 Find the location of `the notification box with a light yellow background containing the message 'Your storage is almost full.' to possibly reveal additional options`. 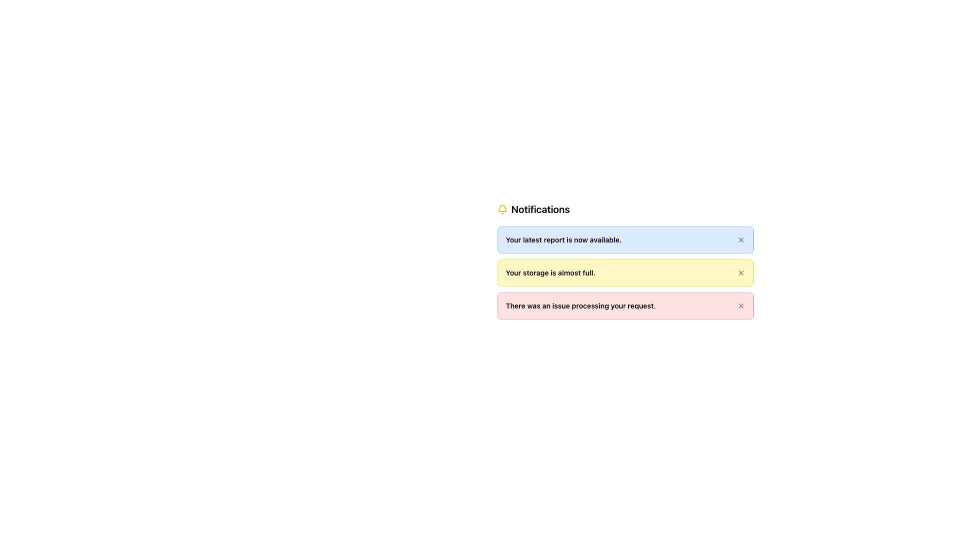

the notification box with a light yellow background containing the message 'Your storage is almost full.' to possibly reveal additional options is located at coordinates (625, 273).